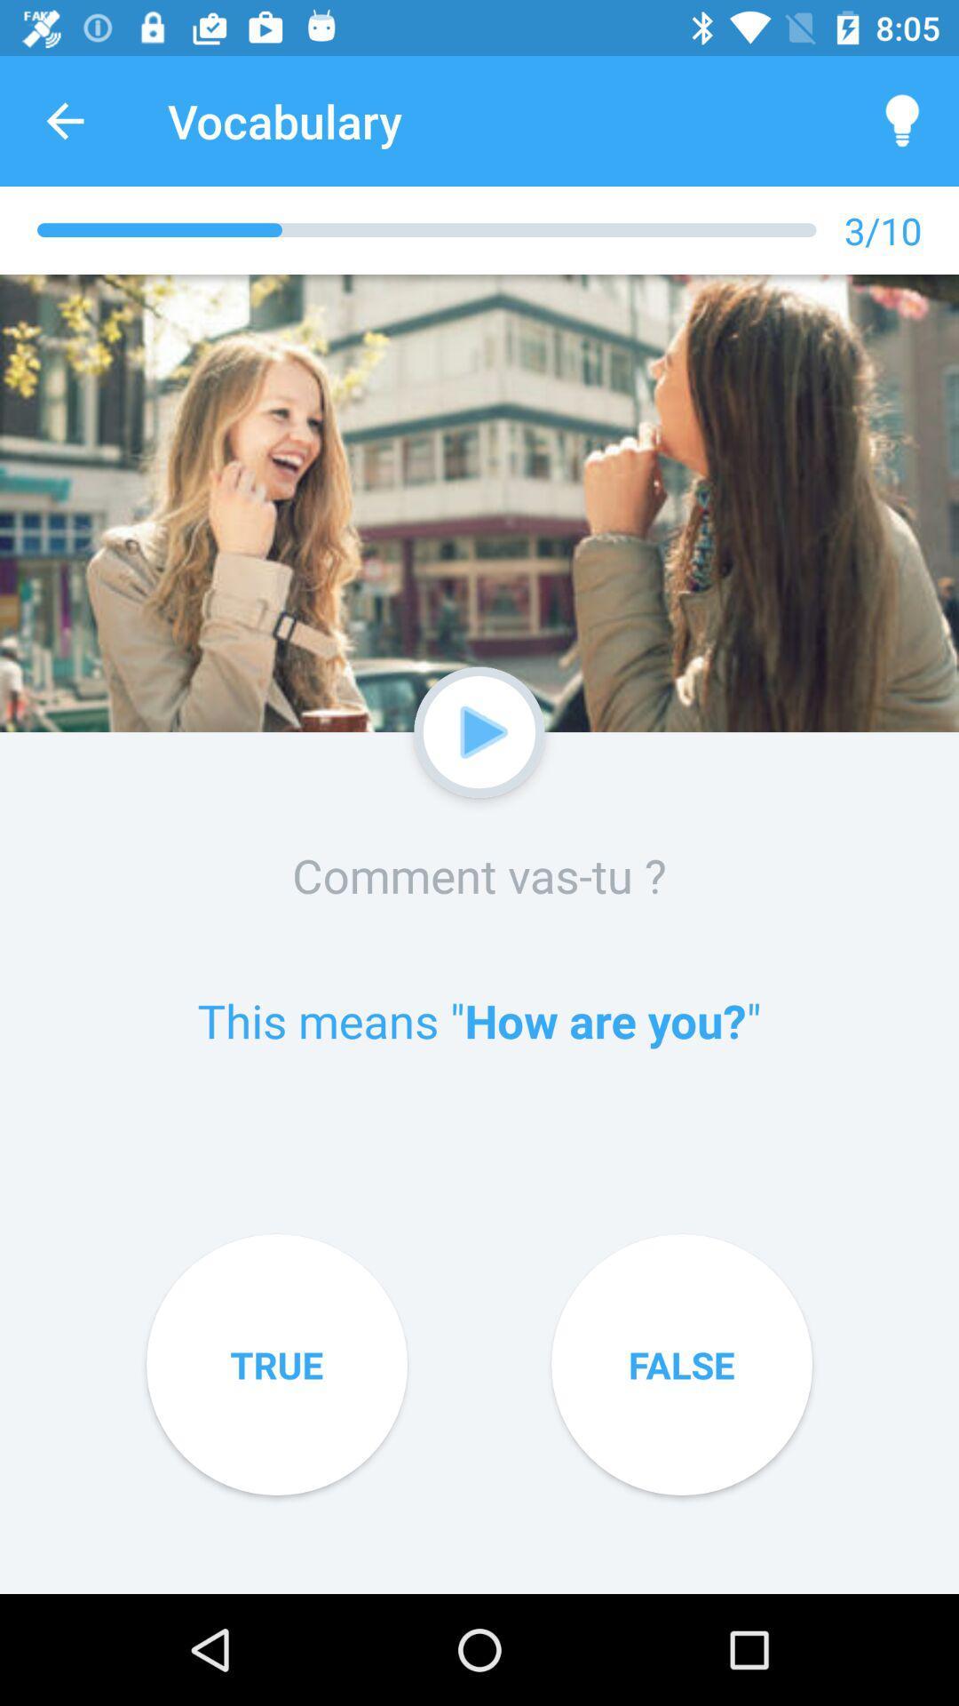 This screenshot has width=959, height=1706. What do you see at coordinates (64, 120) in the screenshot?
I see `the icon to the left of vocabulary` at bounding box center [64, 120].